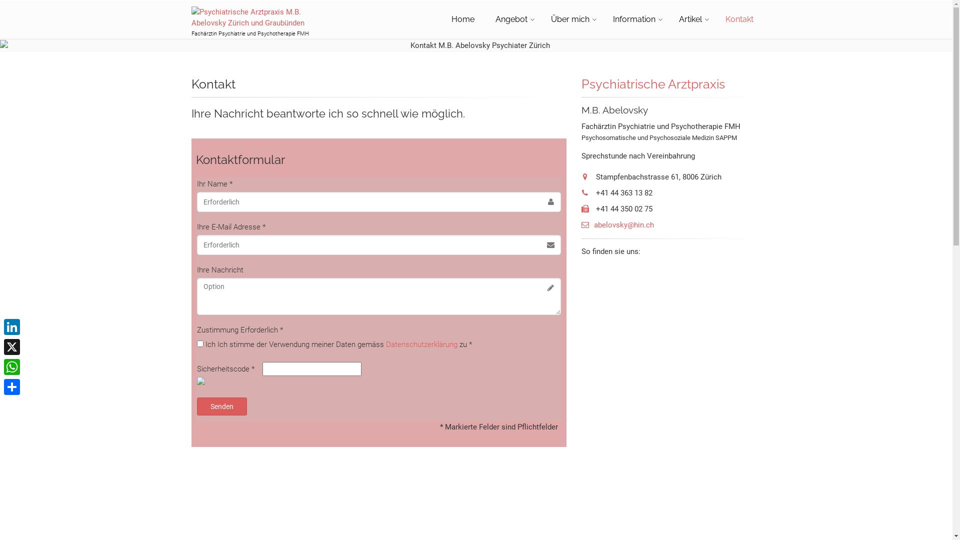  What do you see at coordinates (635, 19) in the screenshot?
I see `'Information'` at bounding box center [635, 19].